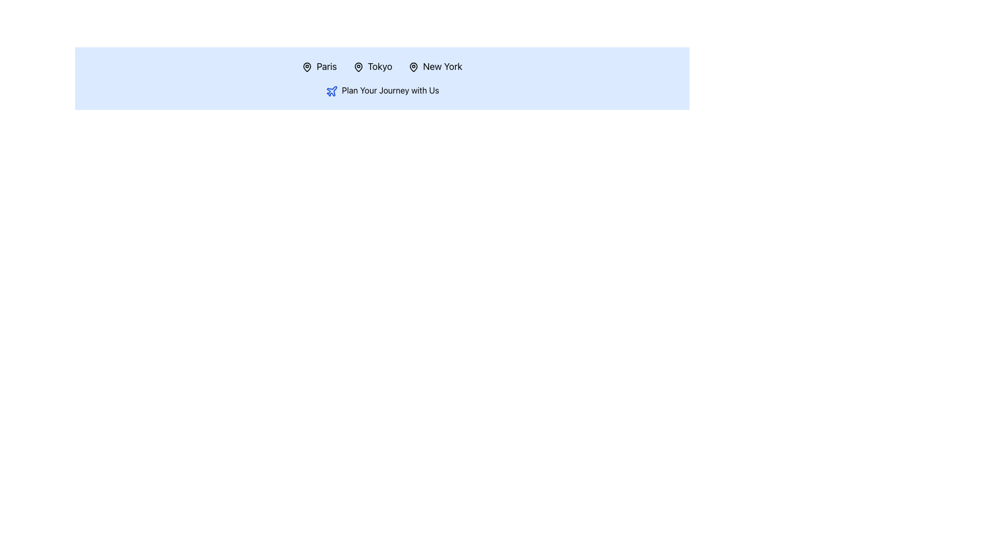 The height and width of the screenshot is (555, 988). I want to click on the first link in the horizontal list of locations, so click(319, 66).